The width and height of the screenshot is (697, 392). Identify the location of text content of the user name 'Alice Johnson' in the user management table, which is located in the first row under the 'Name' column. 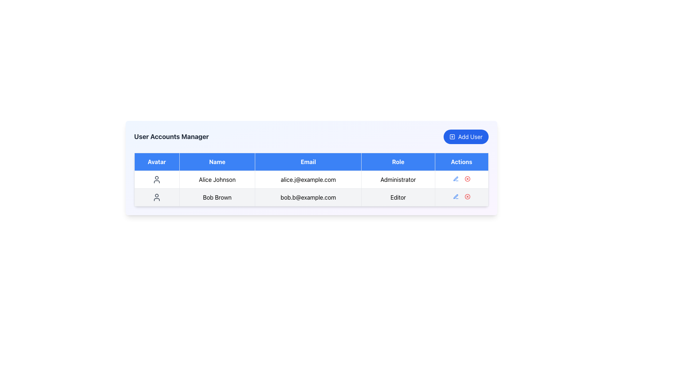
(217, 179).